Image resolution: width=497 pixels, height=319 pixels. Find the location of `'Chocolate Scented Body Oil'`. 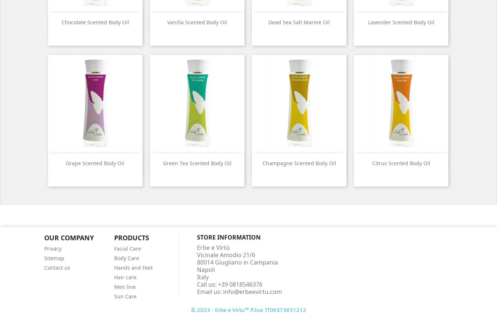

'Chocolate Scented Body Oil' is located at coordinates (94, 22).